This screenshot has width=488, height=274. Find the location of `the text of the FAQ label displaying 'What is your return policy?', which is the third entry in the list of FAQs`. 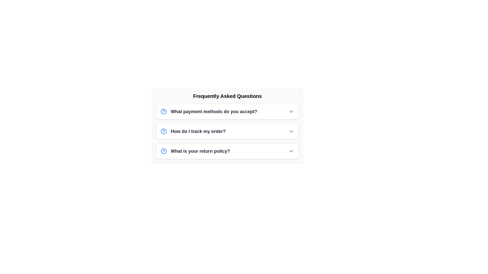

the text of the FAQ label displaying 'What is your return policy?', which is the third entry in the list of FAQs is located at coordinates (200, 151).